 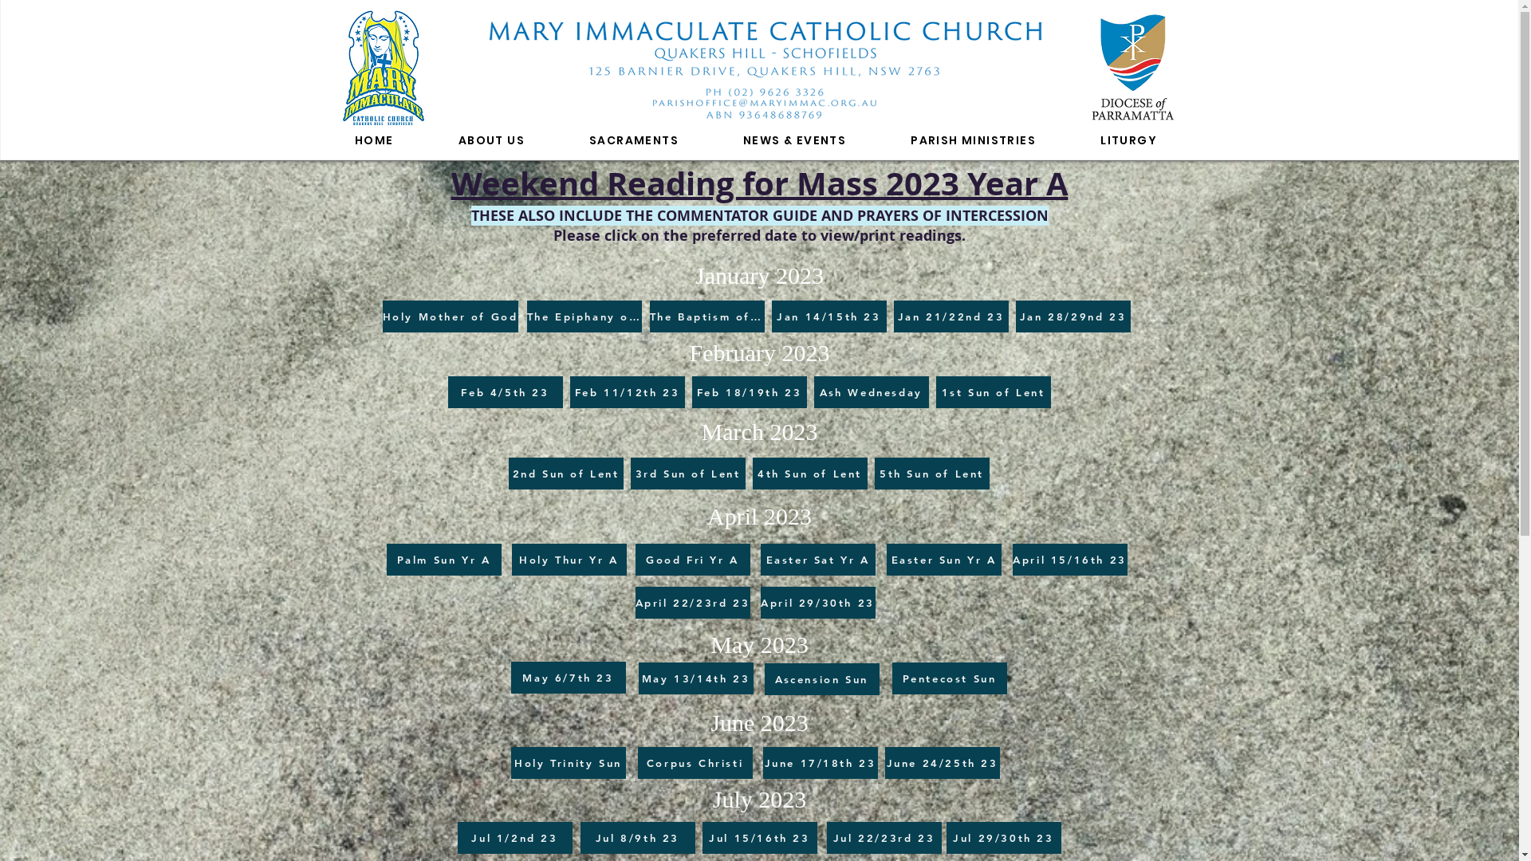 I want to click on 'Feb 4/5th 23', so click(x=504, y=392).